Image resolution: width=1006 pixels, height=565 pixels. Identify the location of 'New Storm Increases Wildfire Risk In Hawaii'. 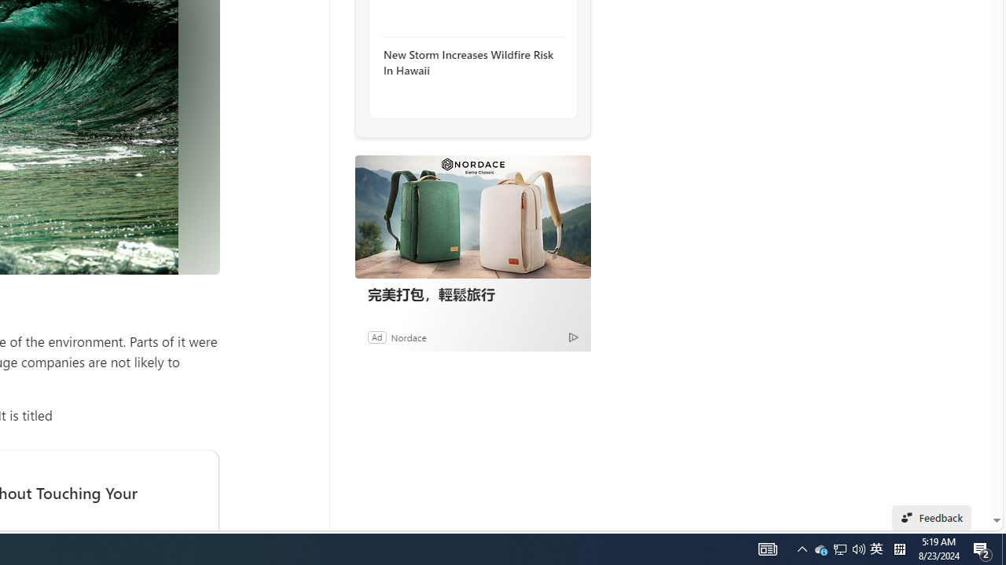
(468, 61).